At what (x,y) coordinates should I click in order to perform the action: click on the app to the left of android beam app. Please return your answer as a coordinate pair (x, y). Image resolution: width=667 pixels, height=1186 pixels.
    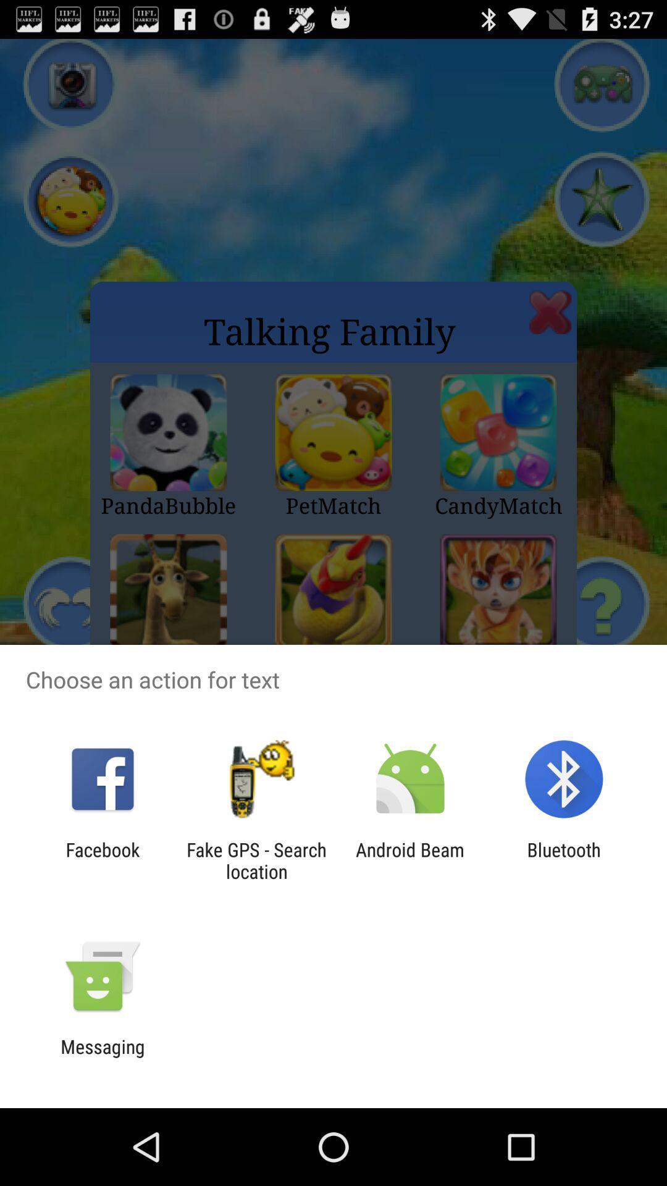
    Looking at the image, I should click on (256, 860).